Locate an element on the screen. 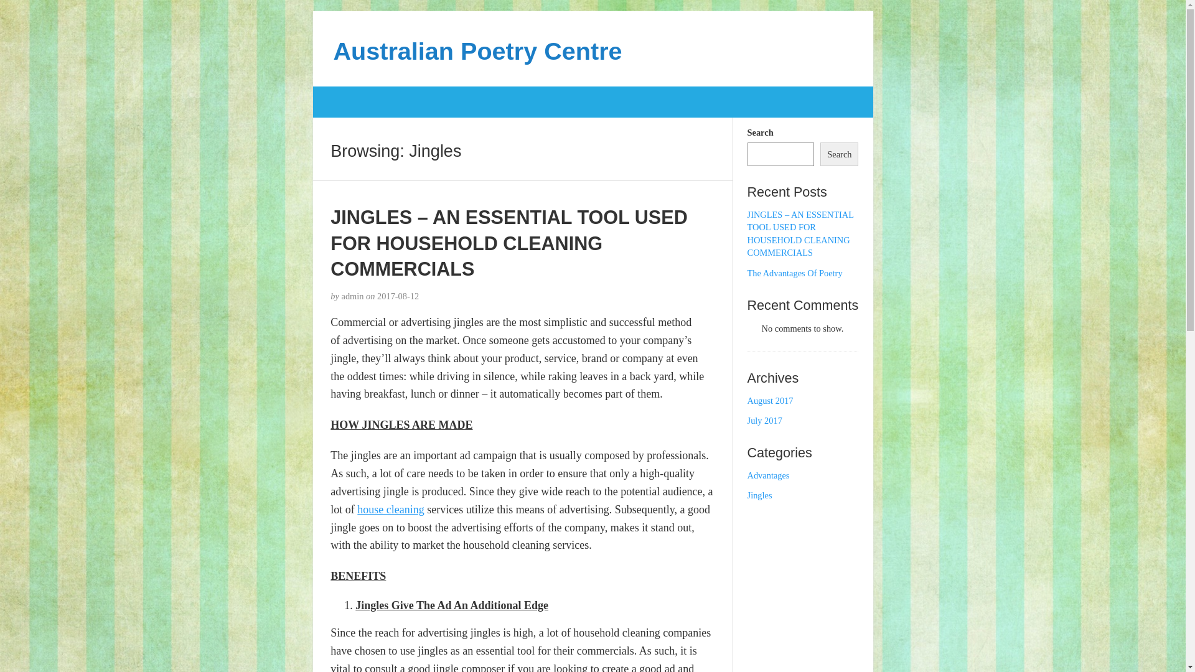 The width and height of the screenshot is (1195, 672). 'July 2017' is located at coordinates (764, 420).